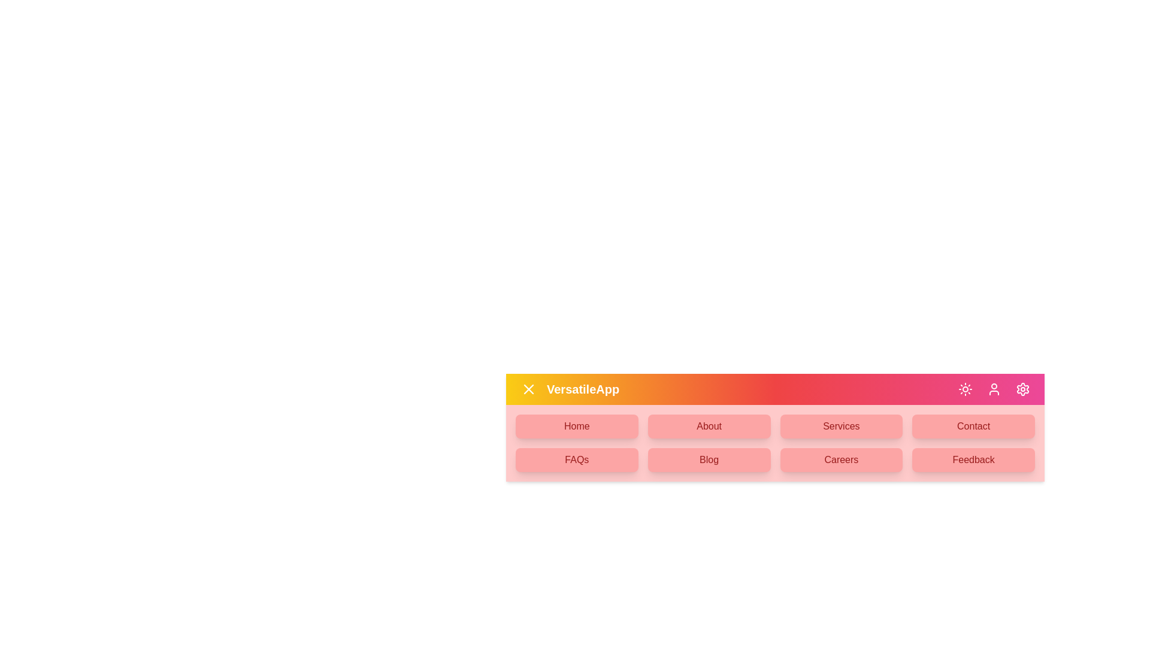  I want to click on the menu item Services from the available options, so click(840, 426).